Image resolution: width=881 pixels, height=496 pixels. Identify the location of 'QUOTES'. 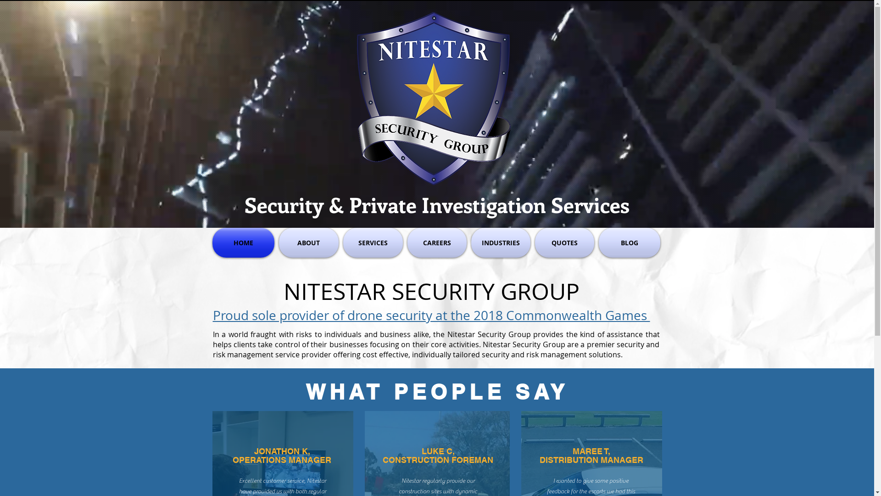
(563, 242).